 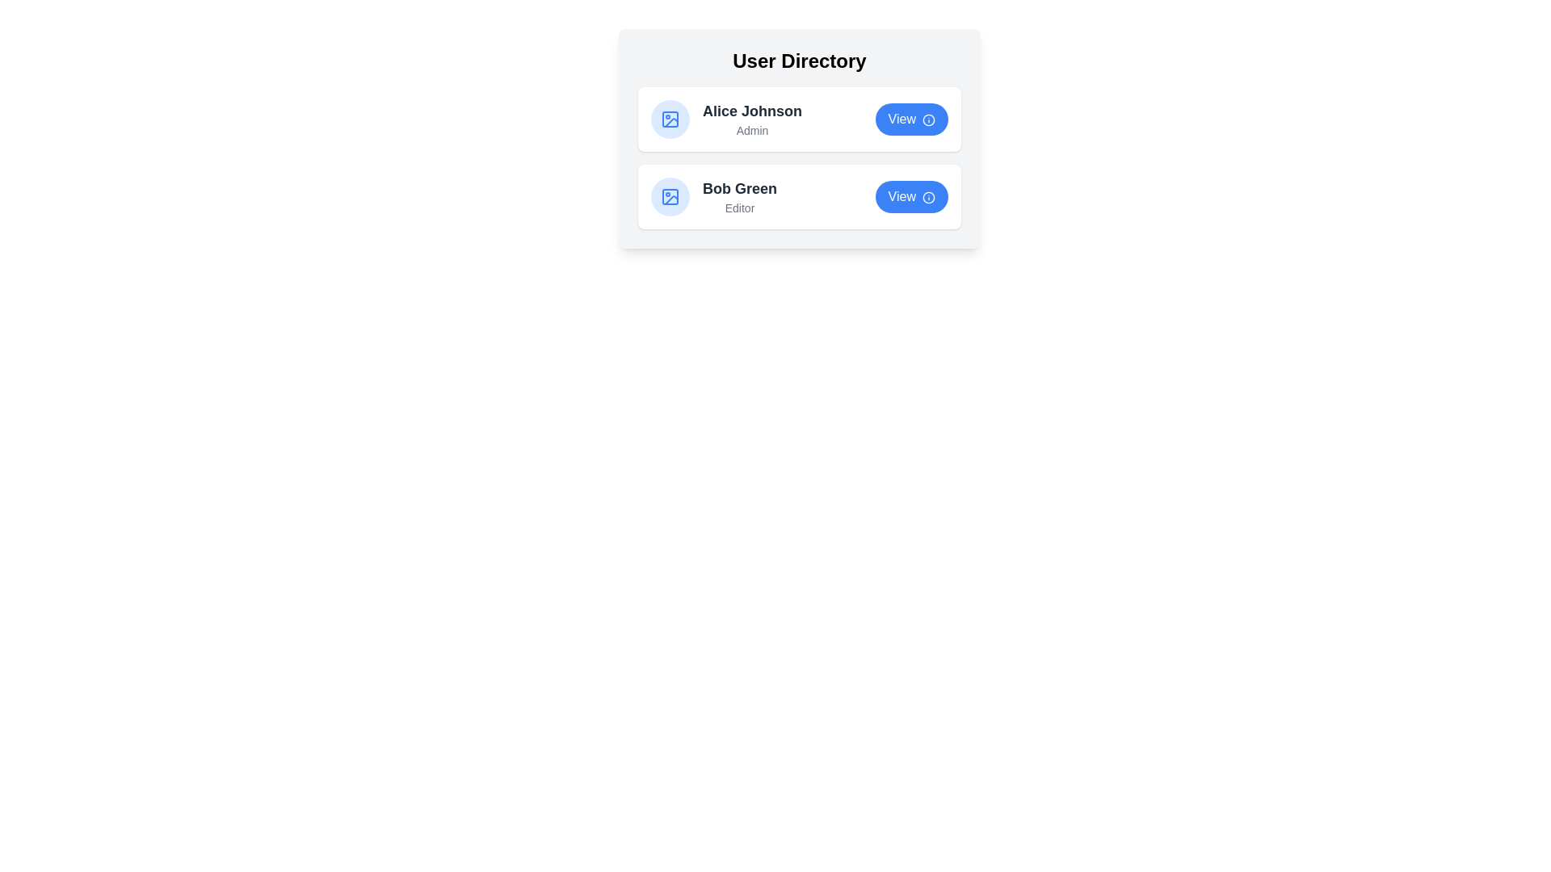 I want to click on the user's icon for Bob Green, so click(x=670, y=195).